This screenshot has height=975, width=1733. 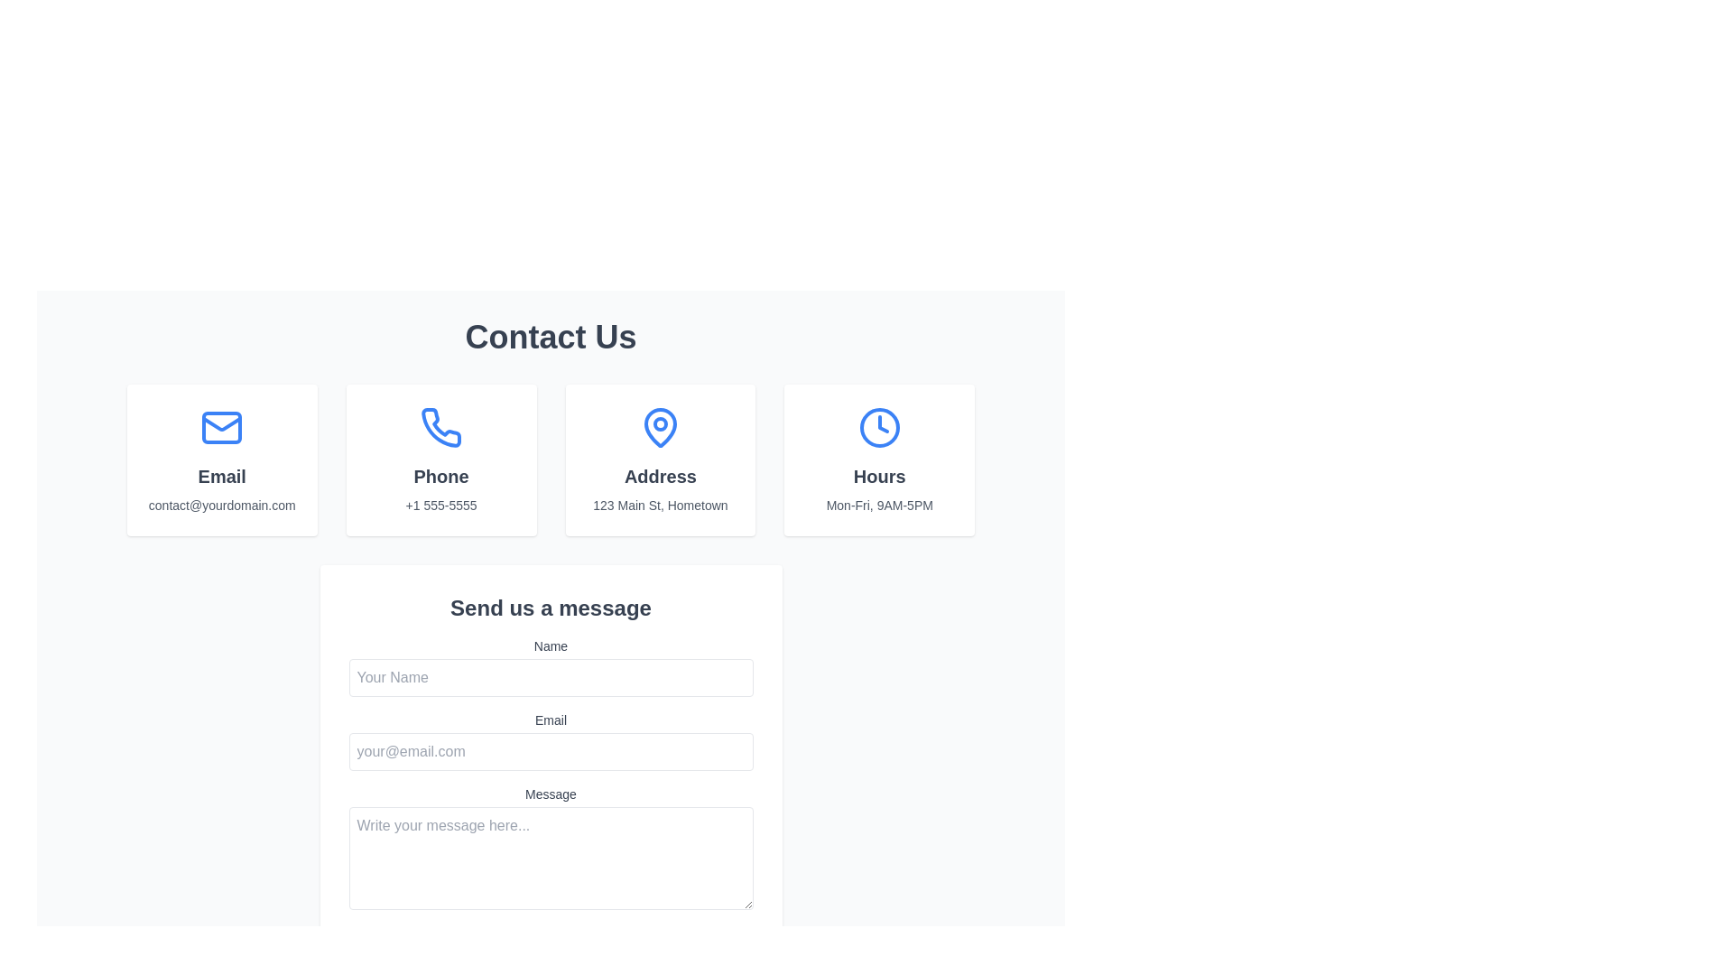 I want to click on the blue phone icon located in the second column above the text 'Phone' and '+1 555-5555', so click(x=441, y=428).